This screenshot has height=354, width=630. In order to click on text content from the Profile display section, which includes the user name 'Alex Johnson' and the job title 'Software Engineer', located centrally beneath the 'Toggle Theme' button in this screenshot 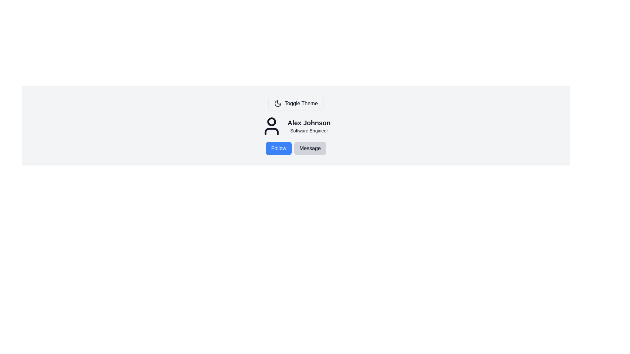, I will do `click(296, 126)`.